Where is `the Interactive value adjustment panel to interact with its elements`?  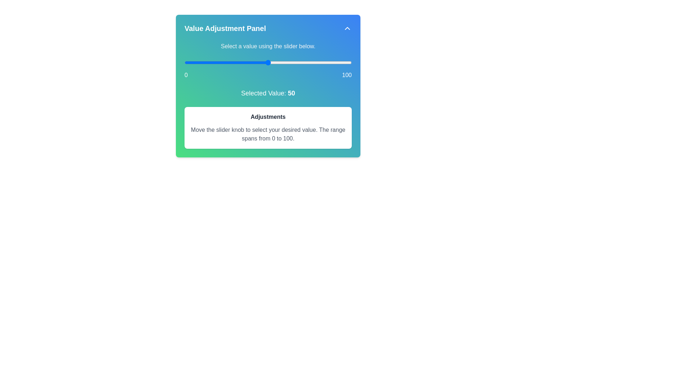
the Interactive value adjustment panel to interact with its elements is located at coordinates (268, 86).